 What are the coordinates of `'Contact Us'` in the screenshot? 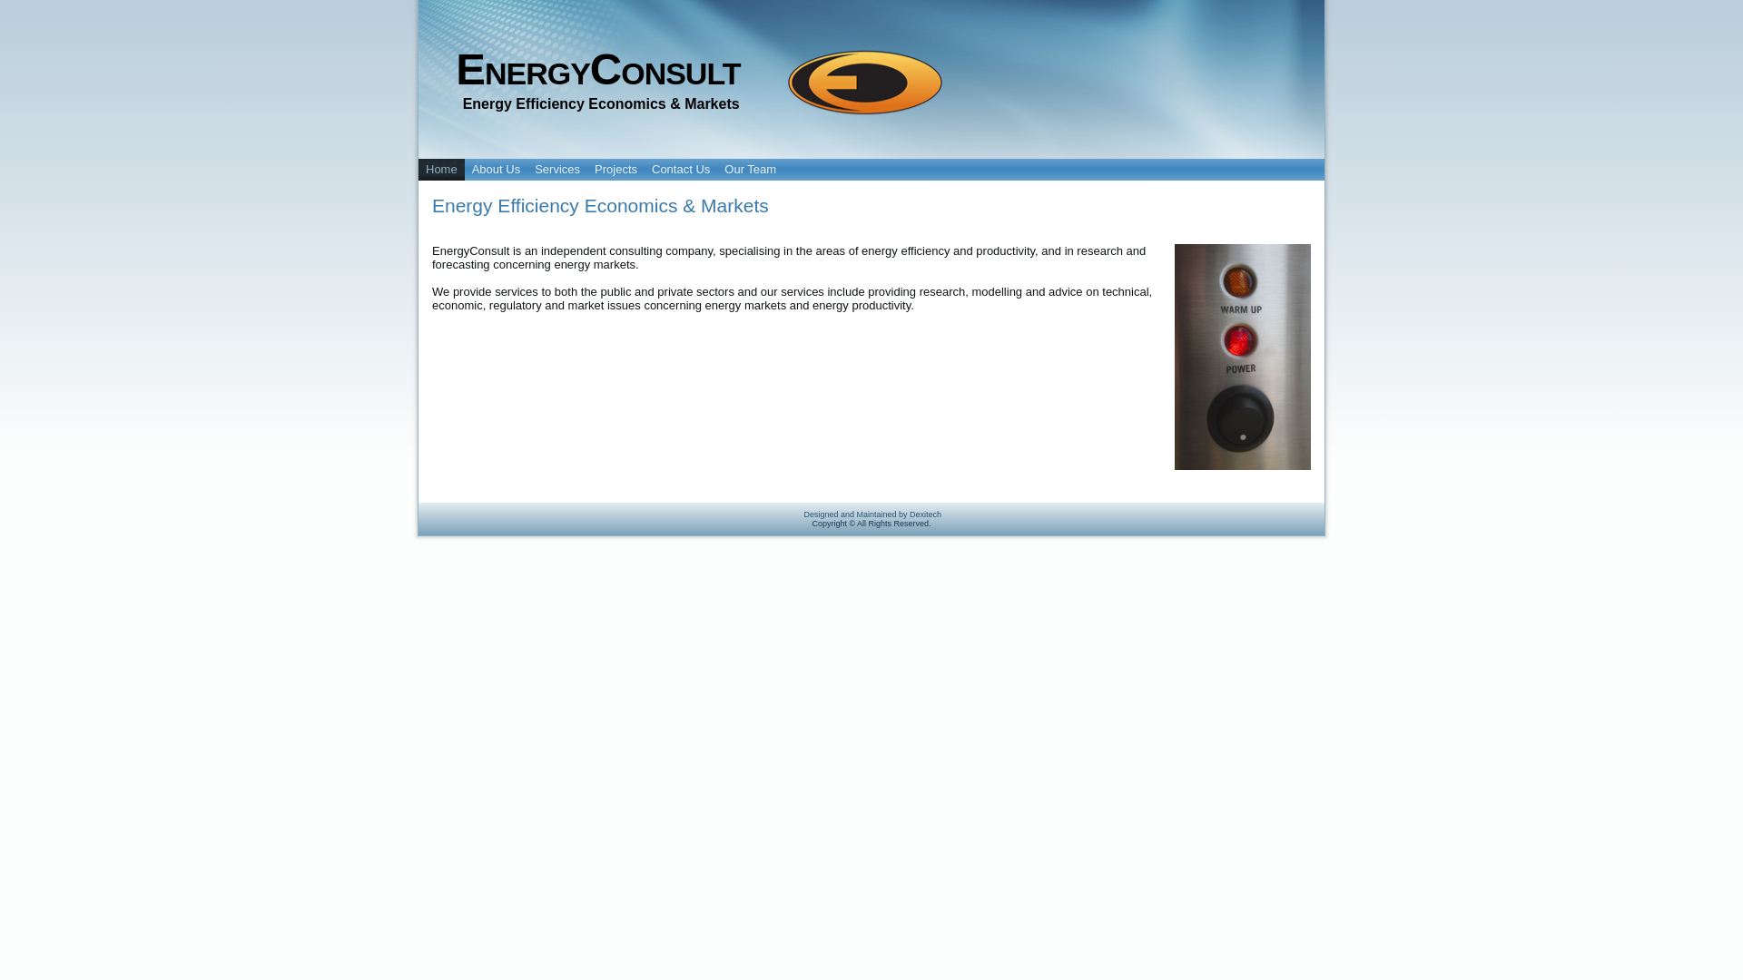 It's located at (679, 169).